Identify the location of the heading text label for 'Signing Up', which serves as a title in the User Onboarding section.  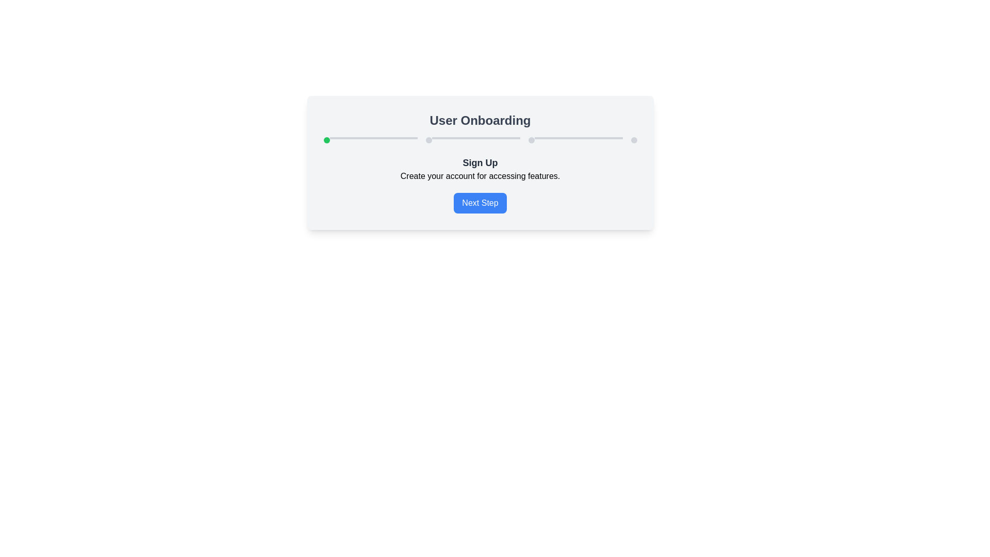
(480, 162).